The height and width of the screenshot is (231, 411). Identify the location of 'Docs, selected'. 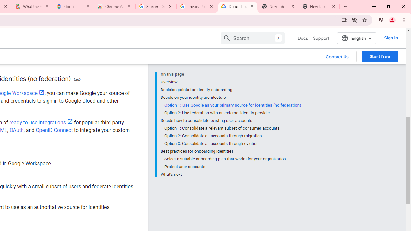
(302, 38).